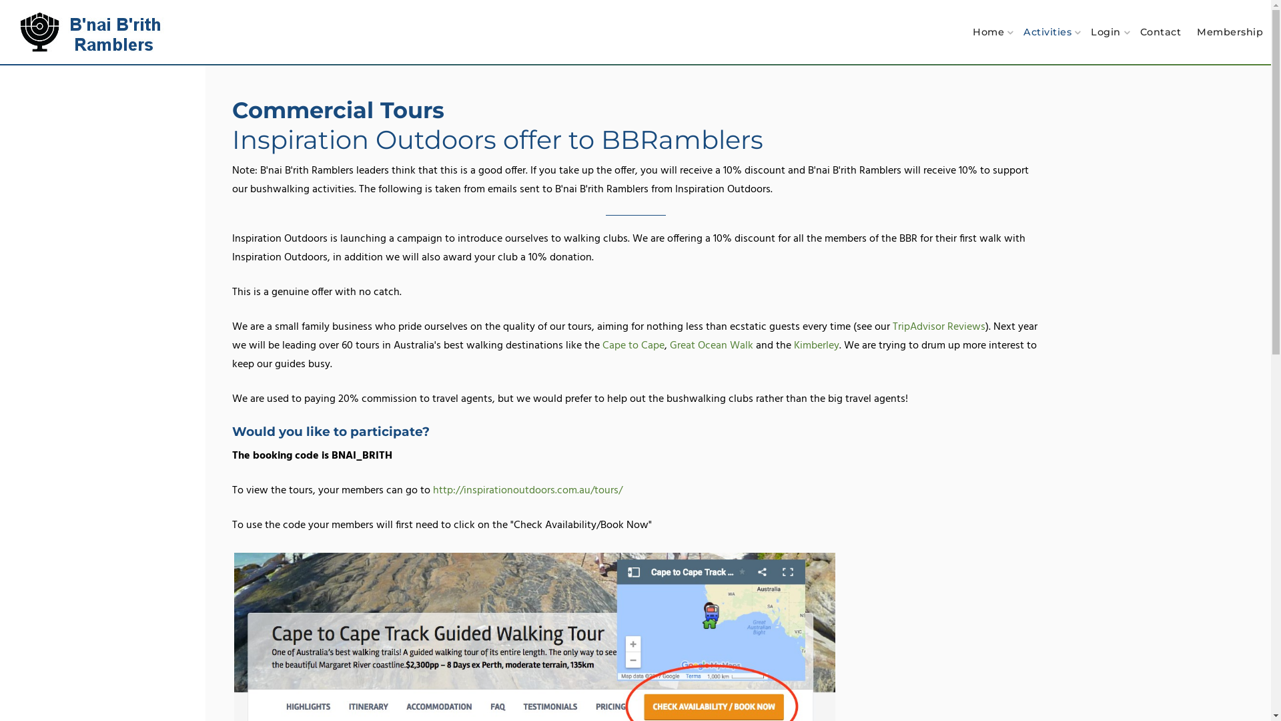 This screenshot has height=721, width=1281. What do you see at coordinates (1048, 31) in the screenshot?
I see `'Activities'` at bounding box center [1048, 31].